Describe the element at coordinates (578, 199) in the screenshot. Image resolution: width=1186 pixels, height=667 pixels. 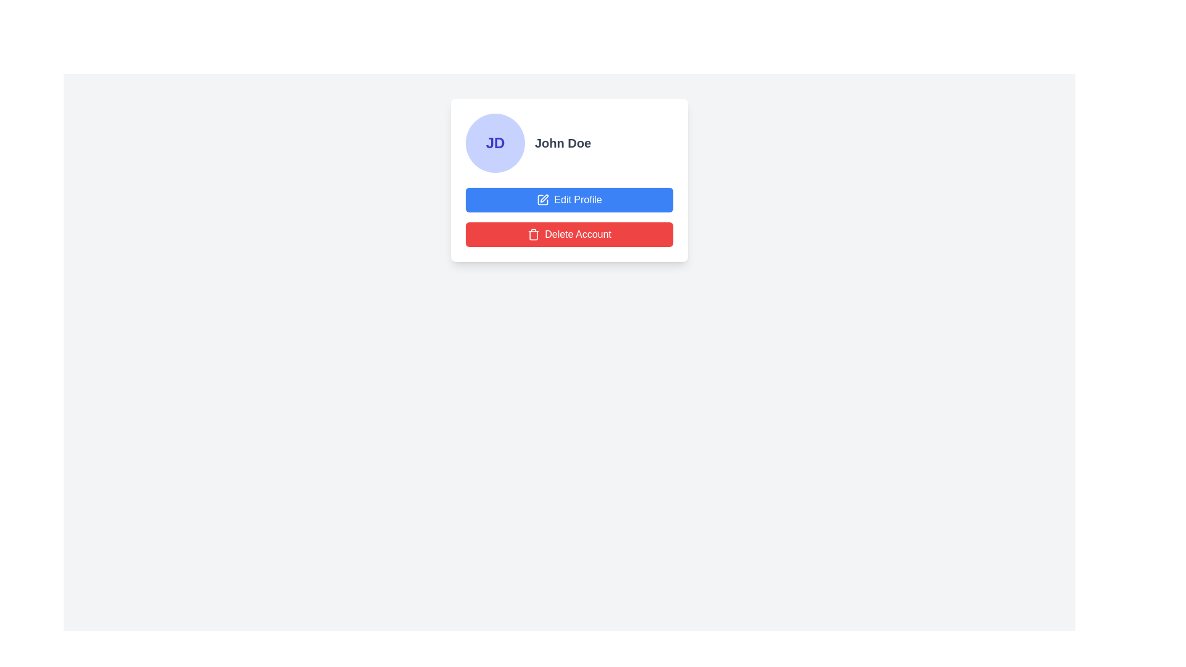
I see `the blue button containing the action label for editing the profile, located beneath the user name 'John Doe' in the profile information card` at that location.